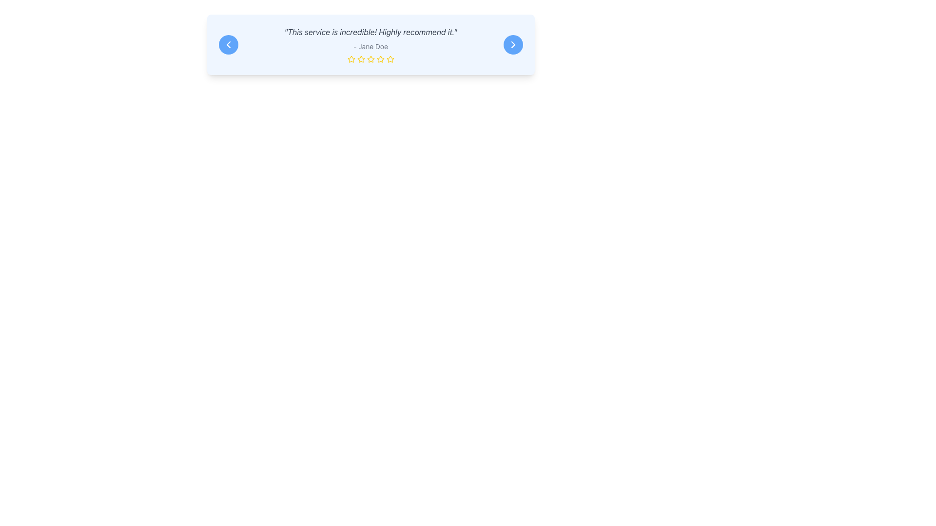 The image size is (936, 526). Describe the element at coordinates (390, 59) in the screenshot. I see `the fourth star` at that location.